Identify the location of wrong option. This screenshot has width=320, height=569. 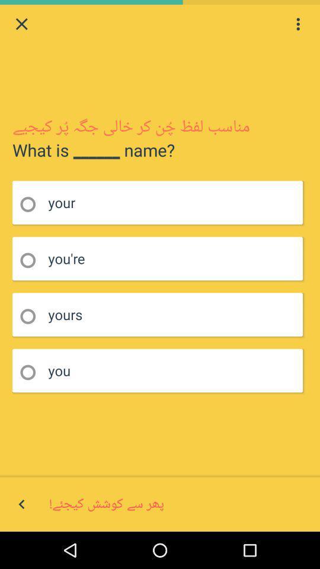
(31, 372).